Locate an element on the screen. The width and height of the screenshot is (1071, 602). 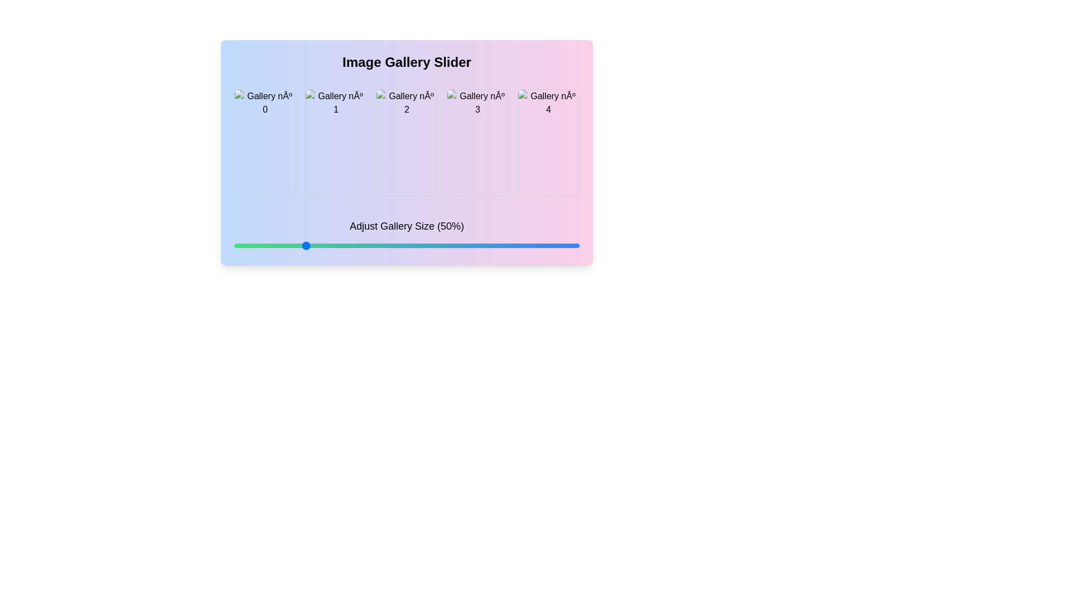
the gallery size slider to 139% is located at coordinates (549, 245).